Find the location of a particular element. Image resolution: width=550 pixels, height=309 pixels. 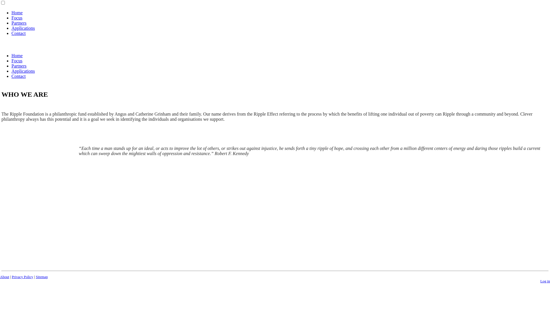

'Home' is located at coordinates (17, 13).